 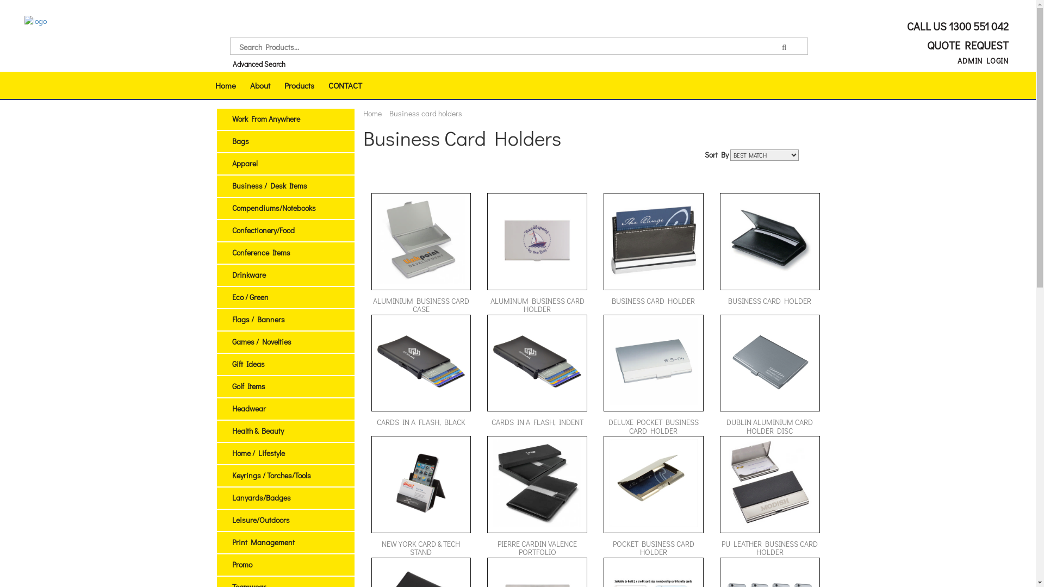 I want to click on 'ALUMINUM BUSINESS CARD HOLDER', so click(x=537, y=253).